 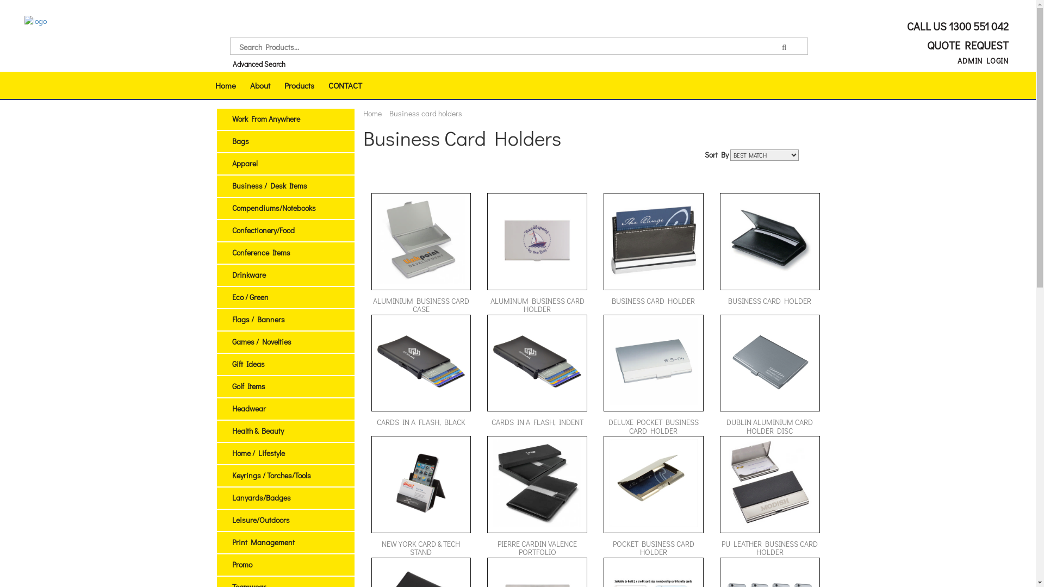 I want to click on 'ALUMINUM BUSINESS CARD HOLDER', so click(x=537, y=253).